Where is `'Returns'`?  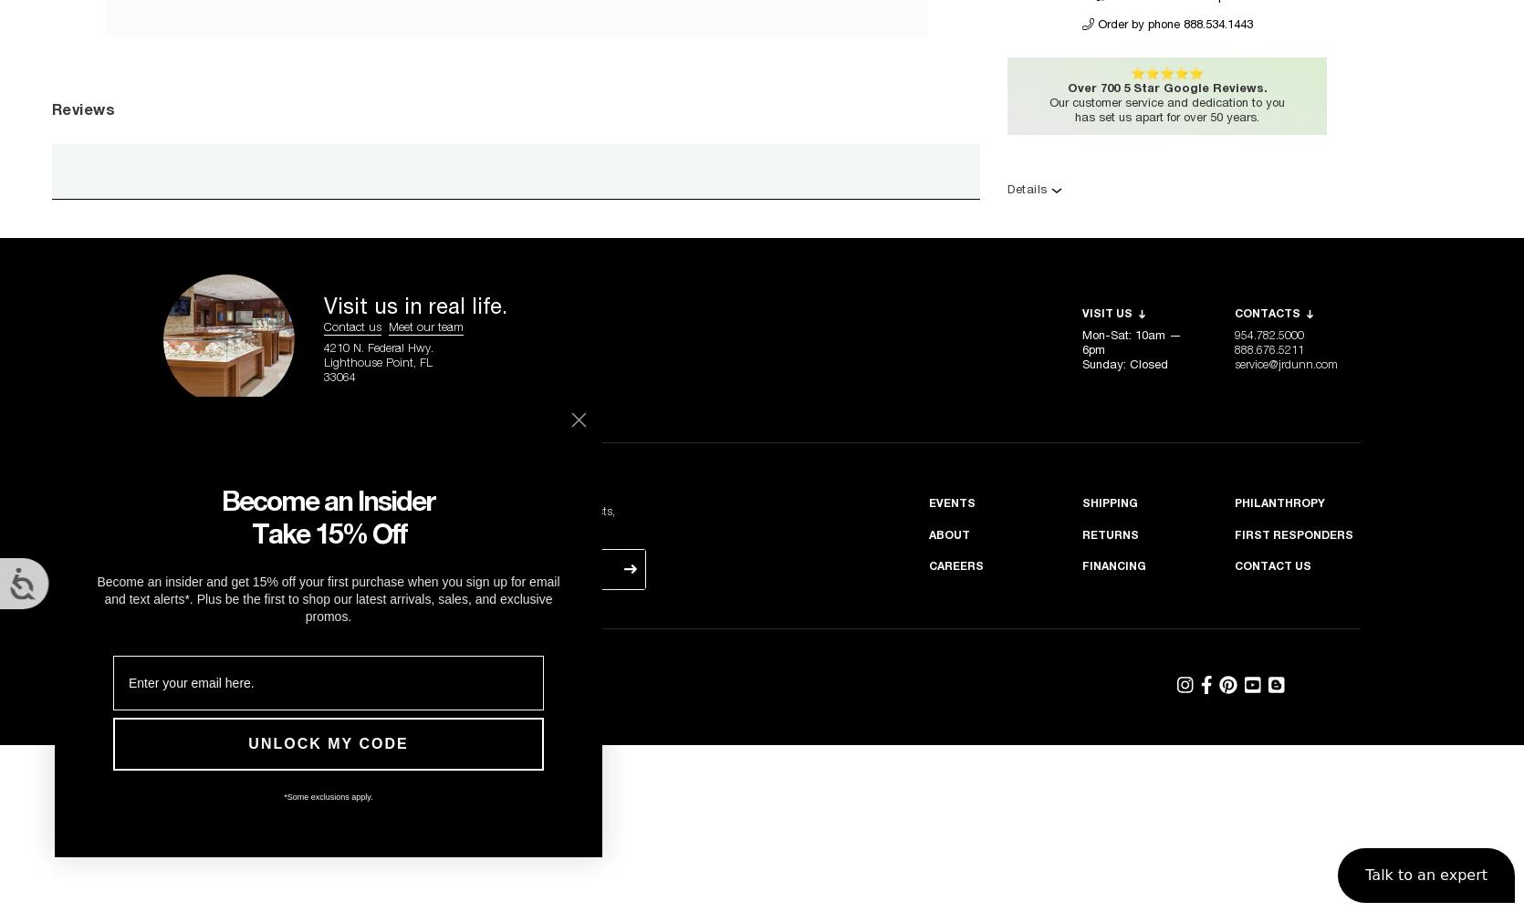 'Returns' is located at coordinates (1081, 534).